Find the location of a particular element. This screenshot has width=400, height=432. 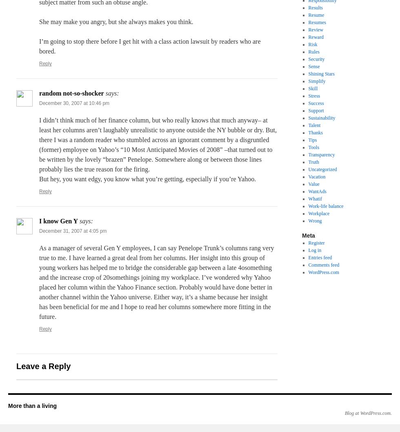

'Value' is located at coordinates (313, 184).